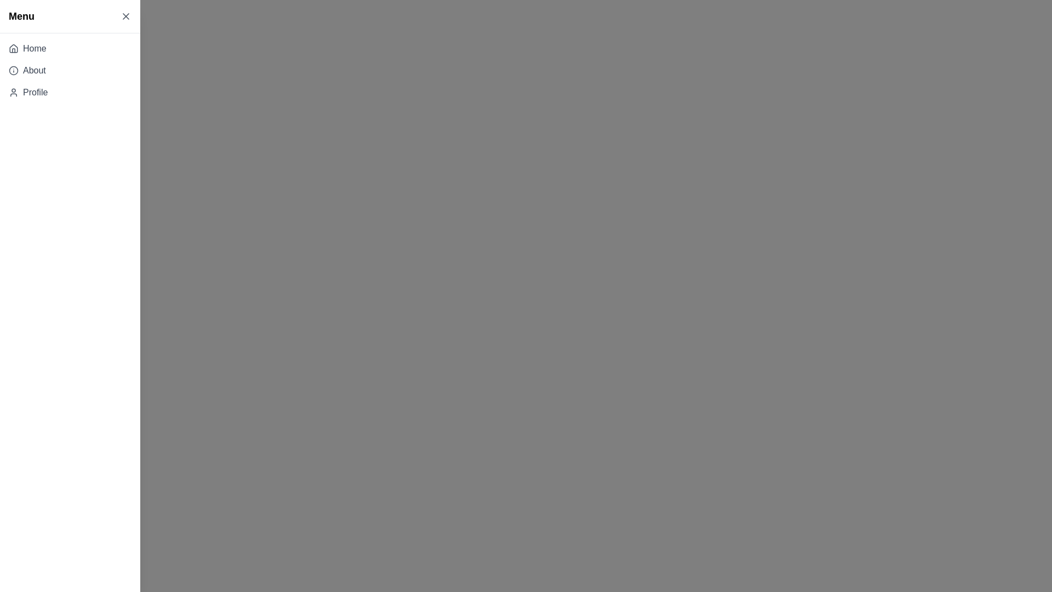 The width and height of the screenshot is (1052, 592). Describe the element at coordinates (13, 70) in the screenshot. I see `the 'info' icon located to the left of the 'About' text in the navigation menu, which is a gray circle with a lowercase 'i' inside` at that location.